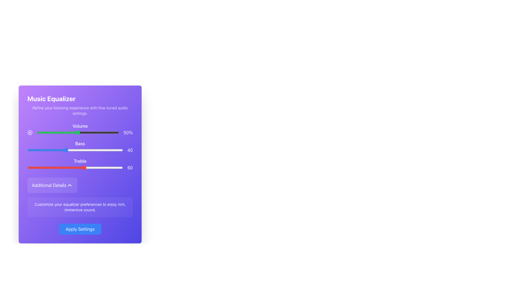 Image resolution: width=527 pixels, height=296 pixels. Describe the element at coordinates (70, 167) in the screenshot. I see `the treble level` at that location.